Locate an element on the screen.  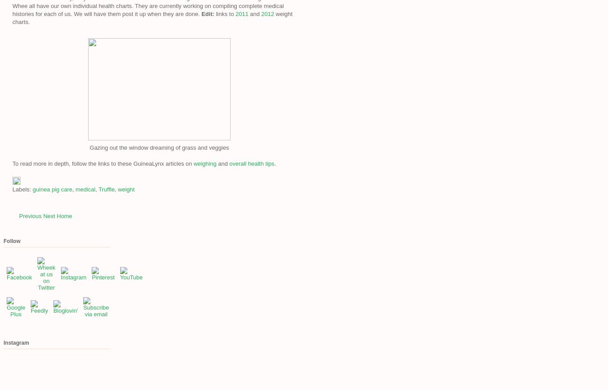
'links to' is located at coordinates (225, 13).